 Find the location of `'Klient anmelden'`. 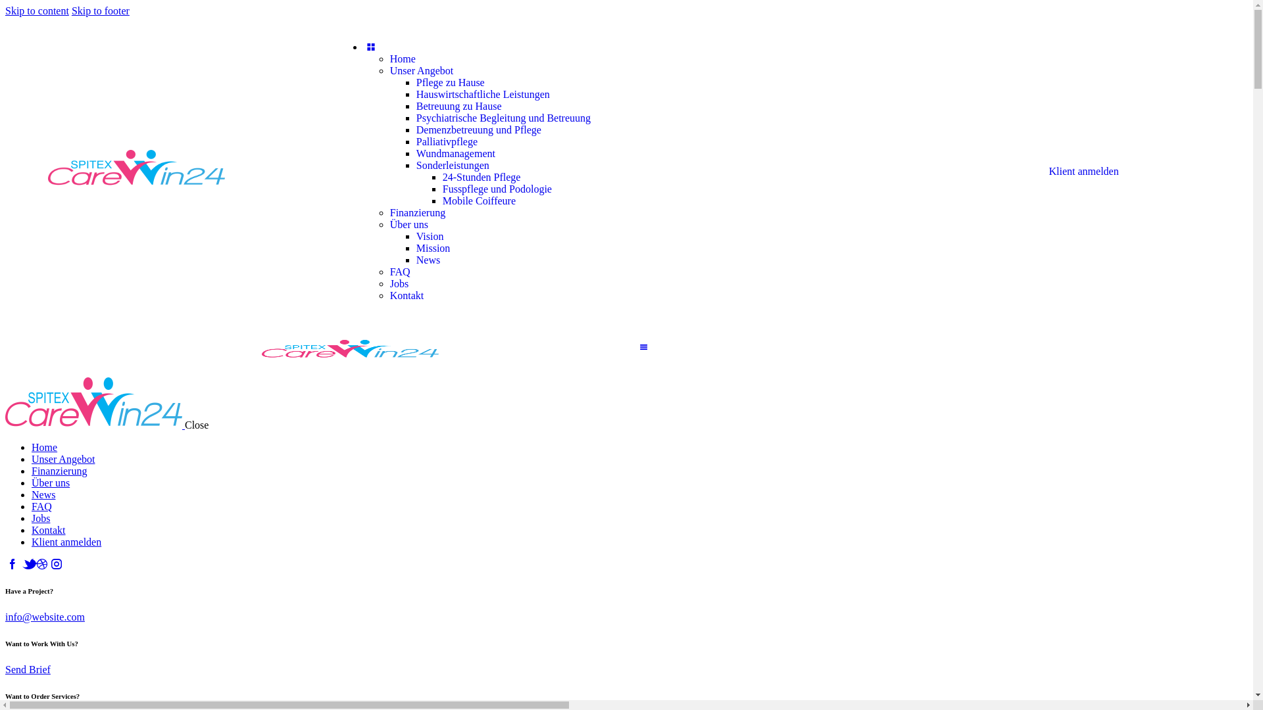

'Klient anmelden' is located at coordinates (1083, 170).